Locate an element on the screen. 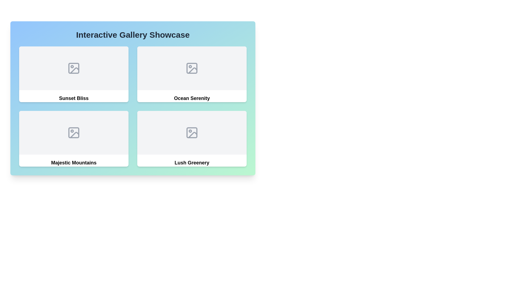  the image placeholder icon located in the second tile labeled 'Ocean Serenity' in the top row of the grid layout is located at coordinates (192, 68).